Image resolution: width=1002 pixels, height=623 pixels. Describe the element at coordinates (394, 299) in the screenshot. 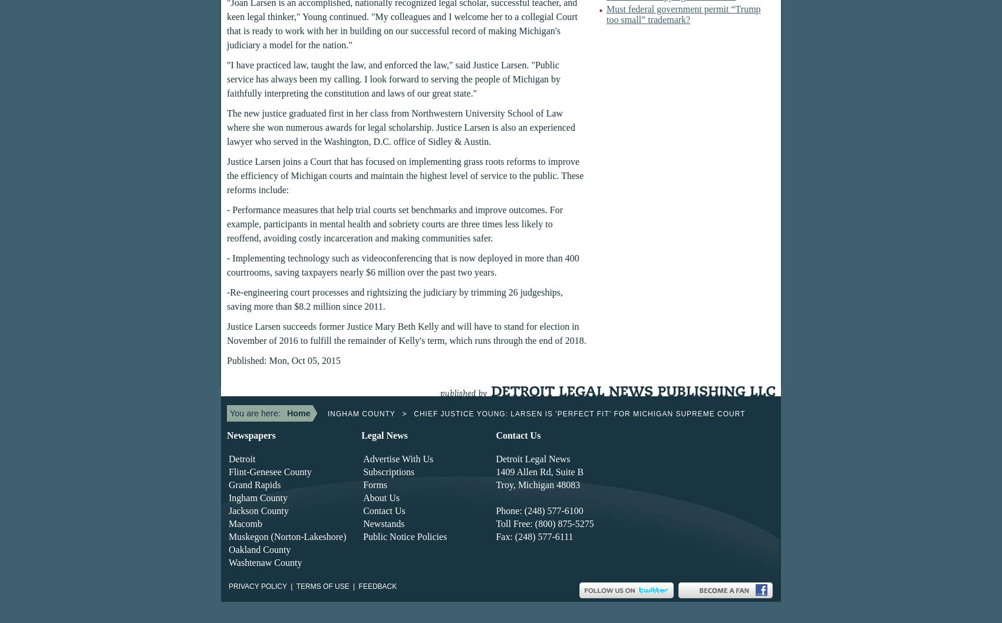

I see `'-Re-engineering court processes and rightsizing the judiciary by trimming 26 judgeships, saving more than $8.2 million since 2011.'` at that location.